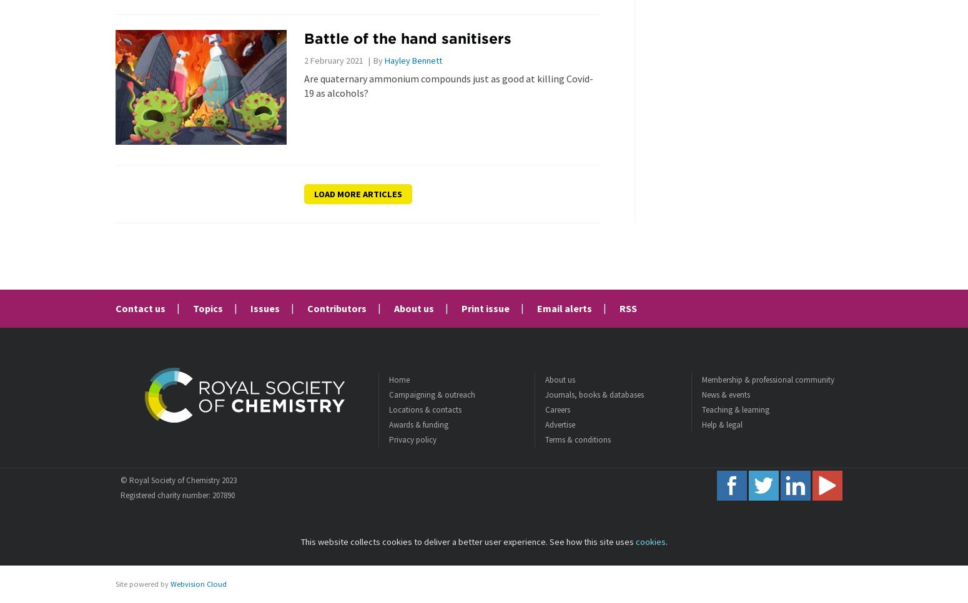 This screenshot has width=968, height=603. What do you see at coordinates (413, 308) in the screenshot?
I see `'About us'` at bounding box center [413, 308].